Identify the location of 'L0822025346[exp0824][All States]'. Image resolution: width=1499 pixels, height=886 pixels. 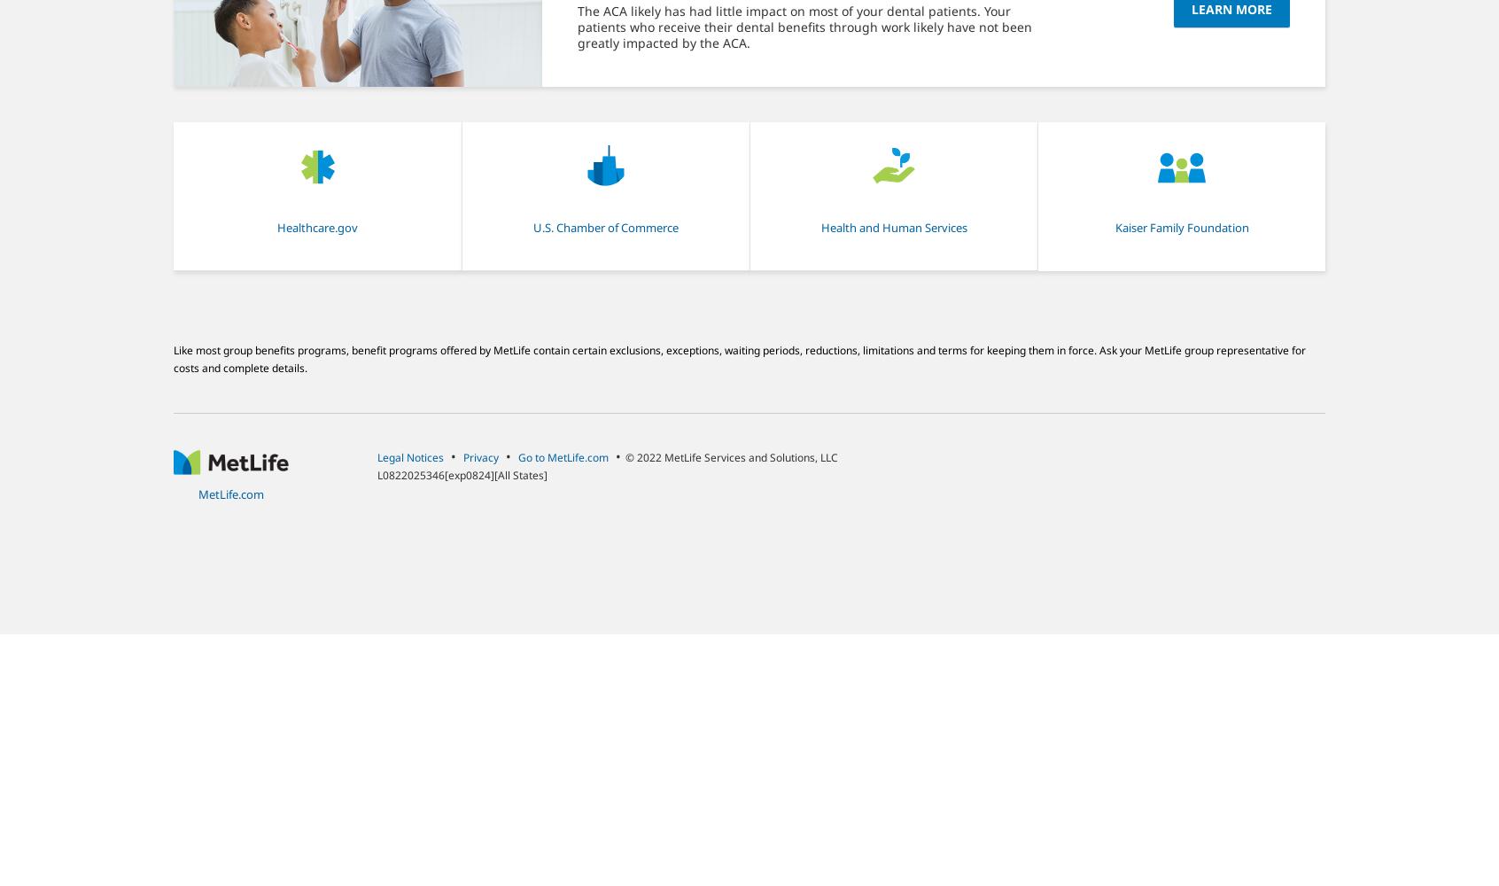
(462, 474).